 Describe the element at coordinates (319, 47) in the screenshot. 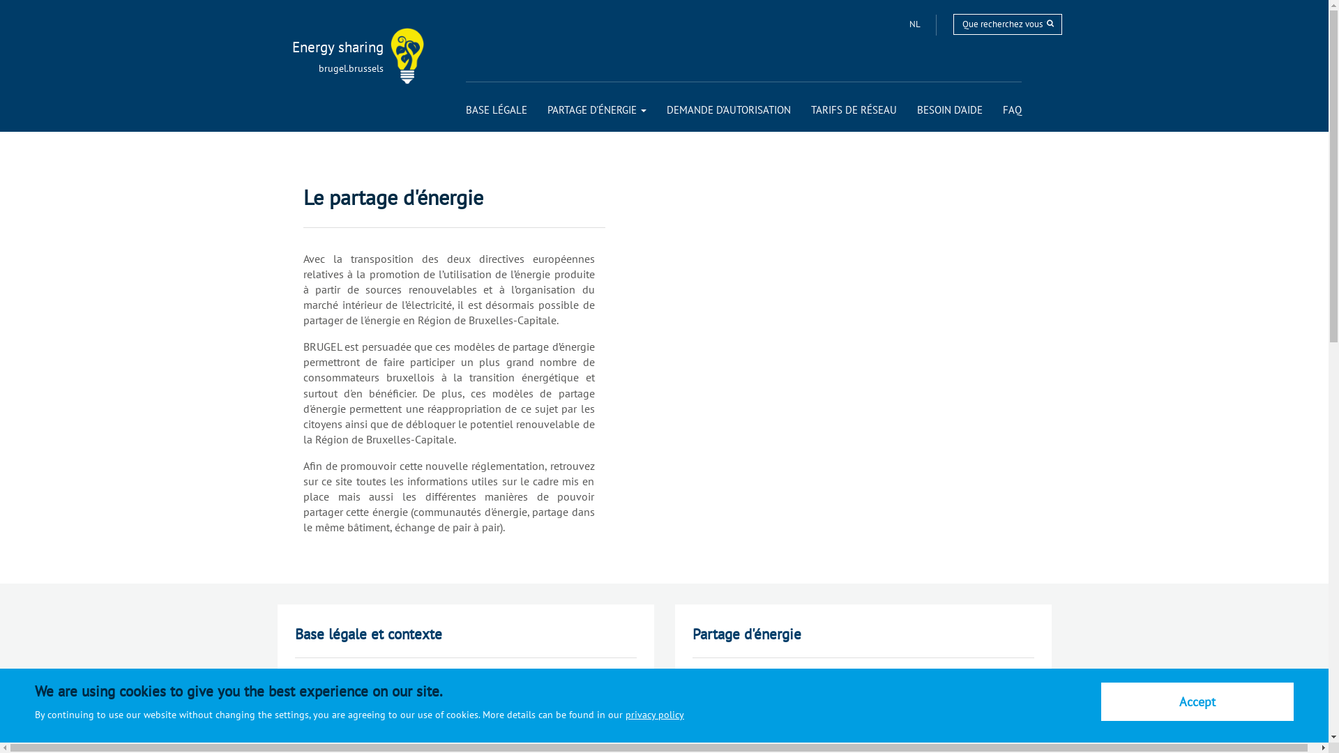

I see `'Energy sharing` at that location.